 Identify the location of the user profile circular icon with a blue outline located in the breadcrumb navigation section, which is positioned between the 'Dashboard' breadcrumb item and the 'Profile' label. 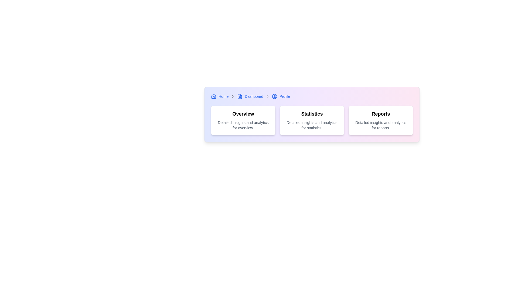
(274, 96).